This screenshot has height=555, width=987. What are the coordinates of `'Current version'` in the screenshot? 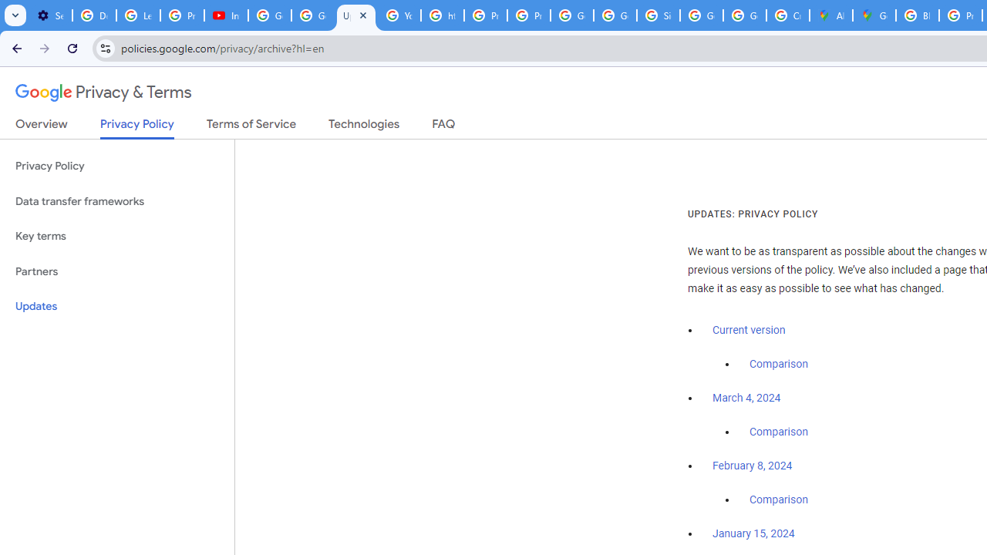 It's located at (749, 329).